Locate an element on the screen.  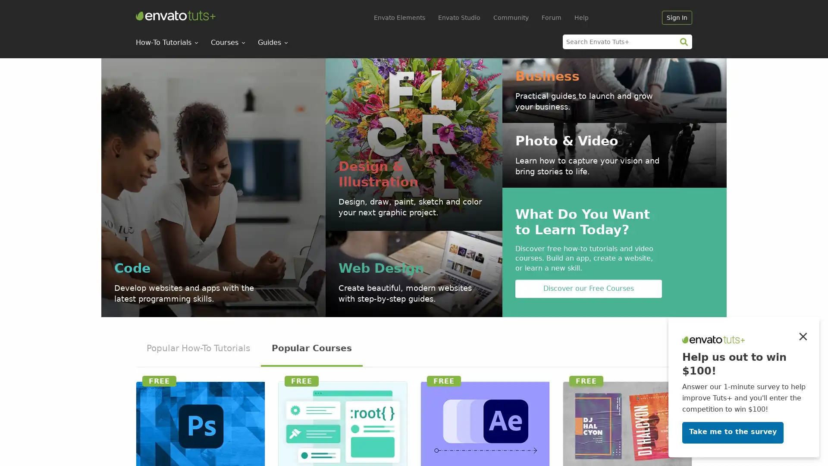
Close is located at coordinates (803, 336).